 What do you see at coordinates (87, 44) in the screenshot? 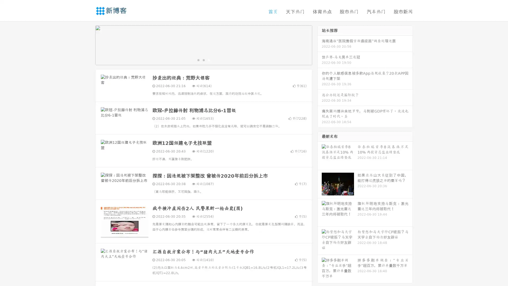
I see `Previous slide` at bounding box center [87, 44].